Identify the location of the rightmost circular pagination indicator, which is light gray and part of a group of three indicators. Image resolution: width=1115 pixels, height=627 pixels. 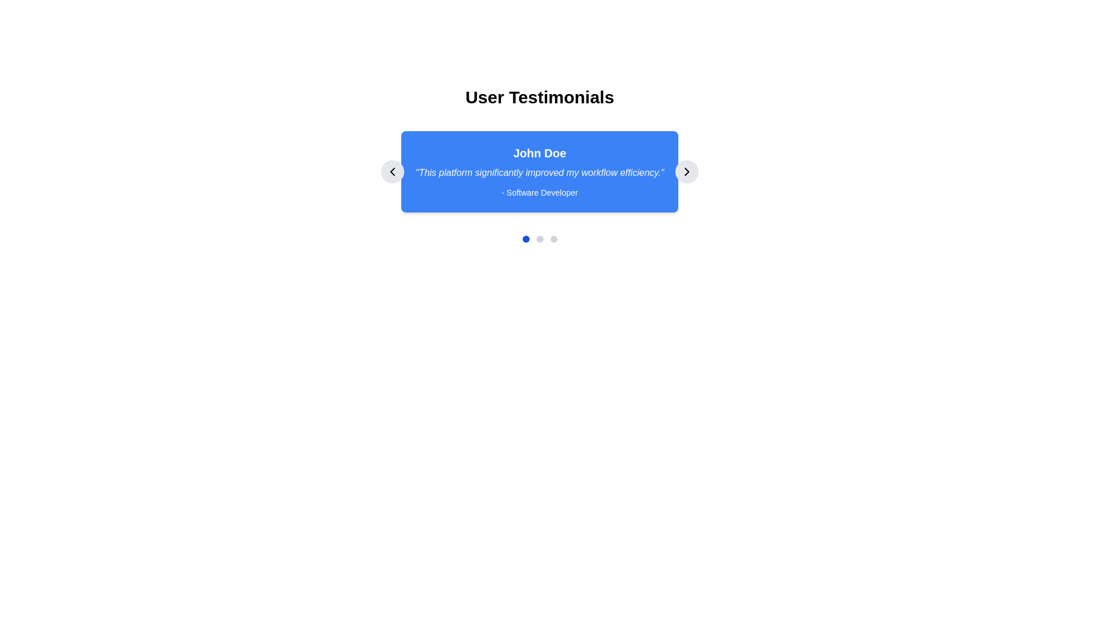
(553, 239).